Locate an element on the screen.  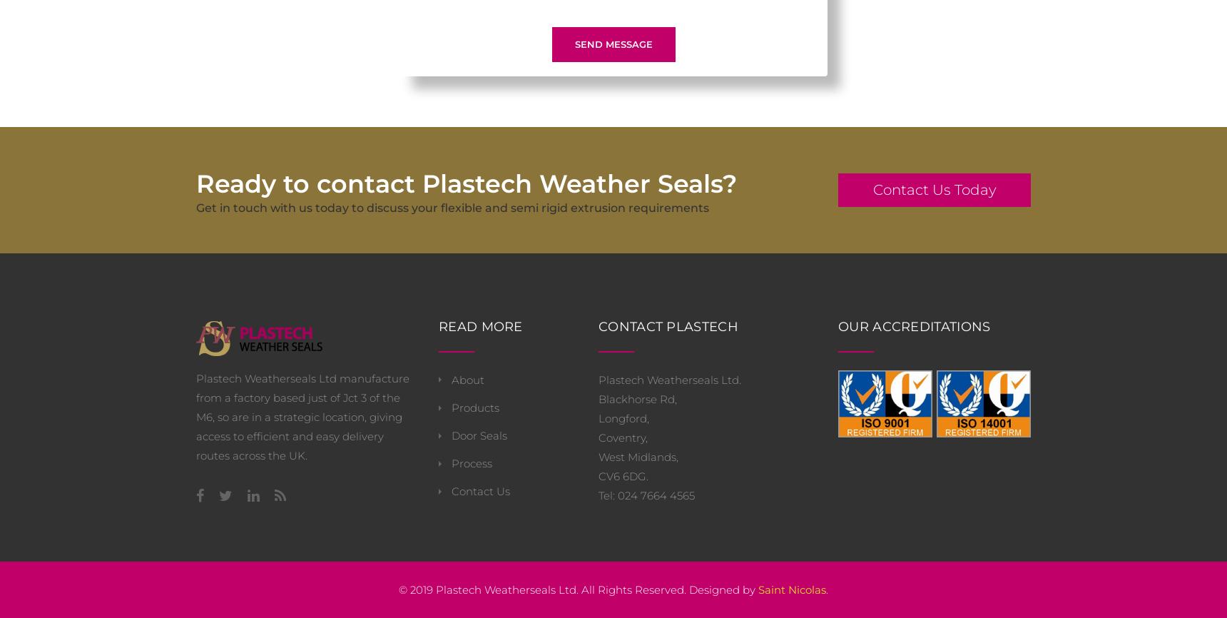
'Ready to contact Plastech Weather Seals?' is located at coordinates (196, 183).